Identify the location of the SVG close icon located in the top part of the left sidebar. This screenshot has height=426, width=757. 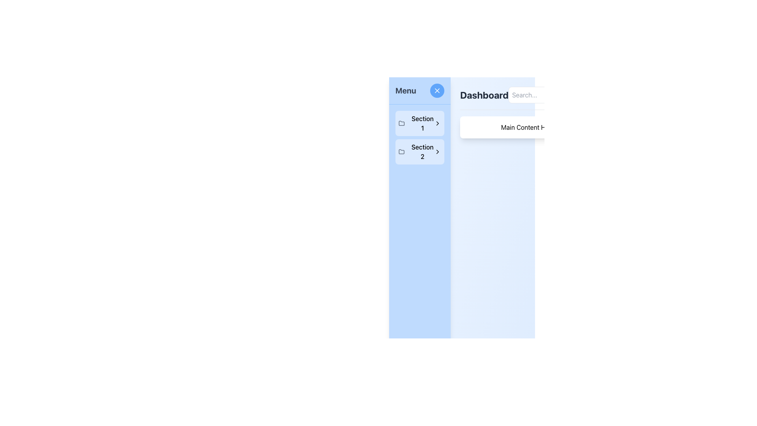
(437, 90).